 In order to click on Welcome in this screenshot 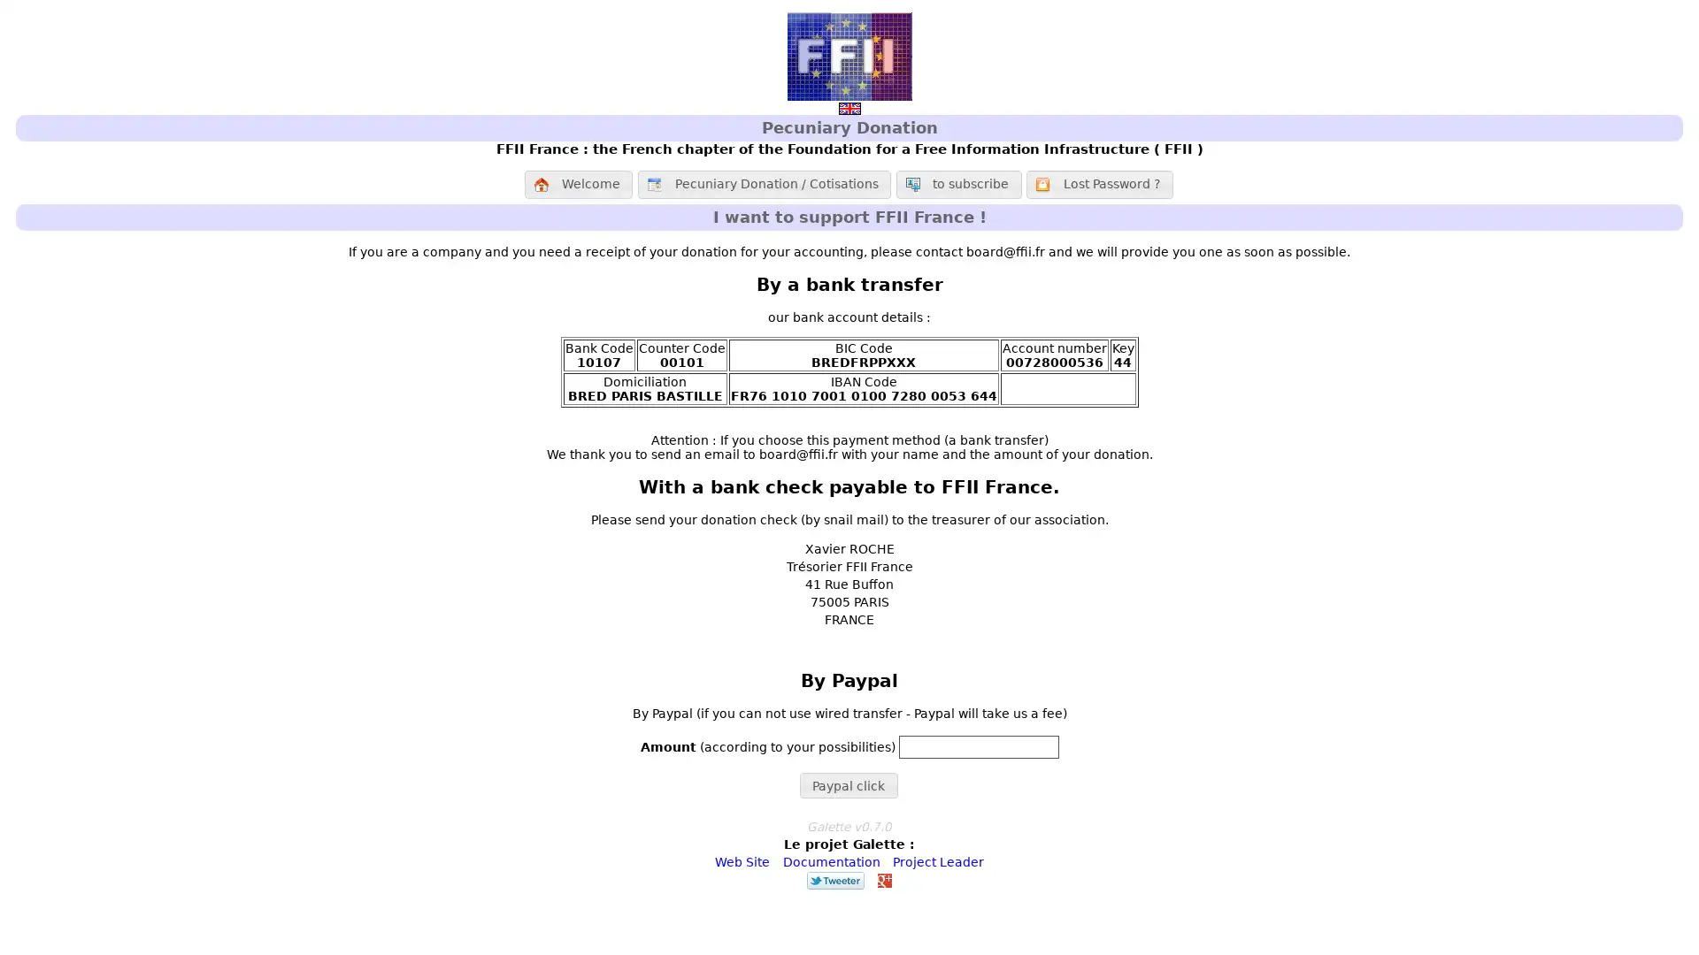, I will do `click(578, 184)`.